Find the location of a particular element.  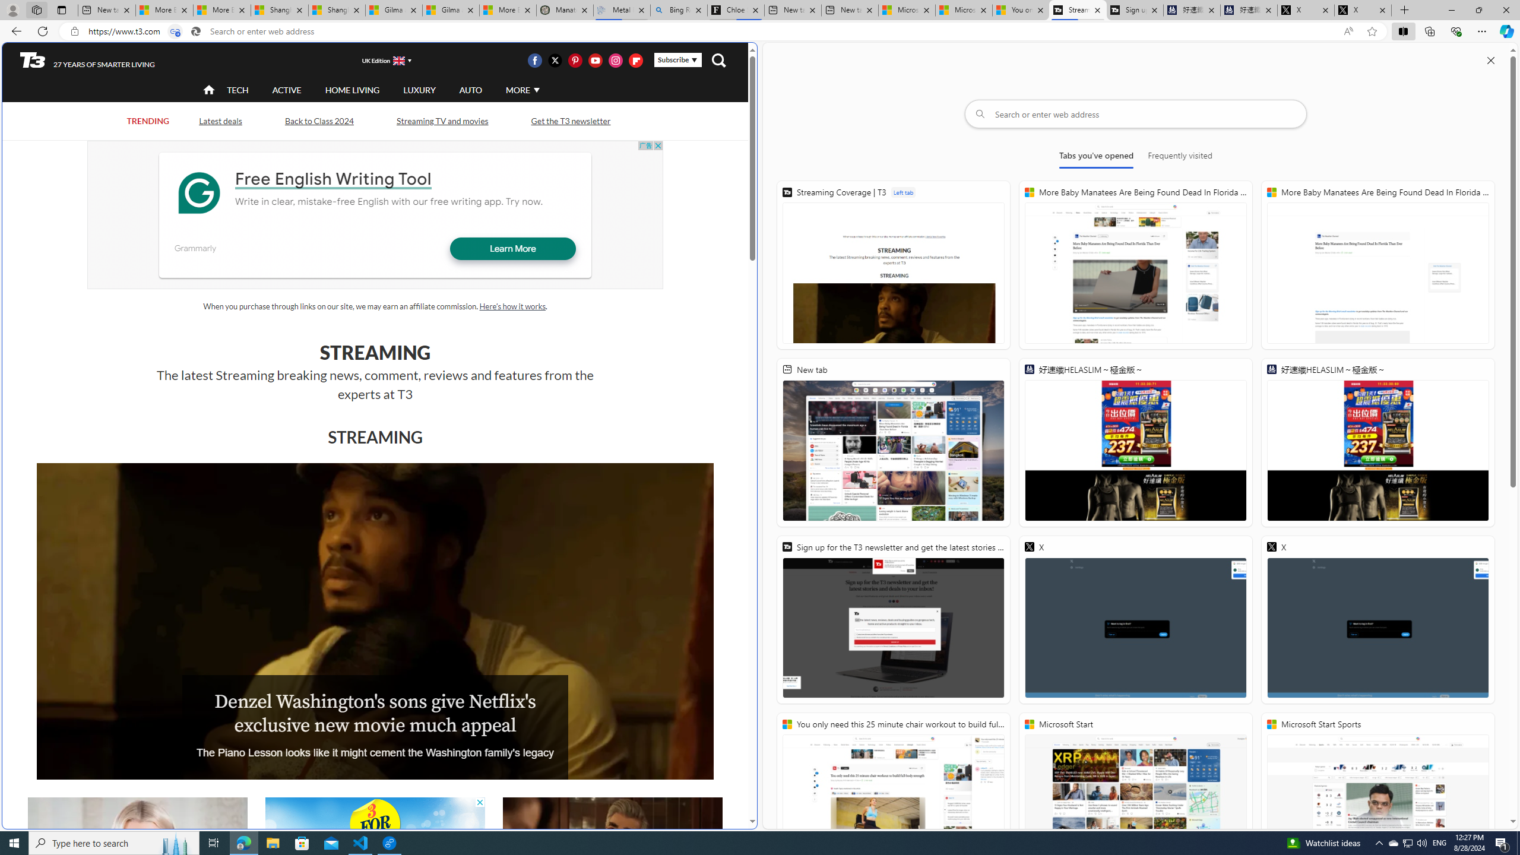

'The Piano Lesson' is located at coordinates (375, 620).